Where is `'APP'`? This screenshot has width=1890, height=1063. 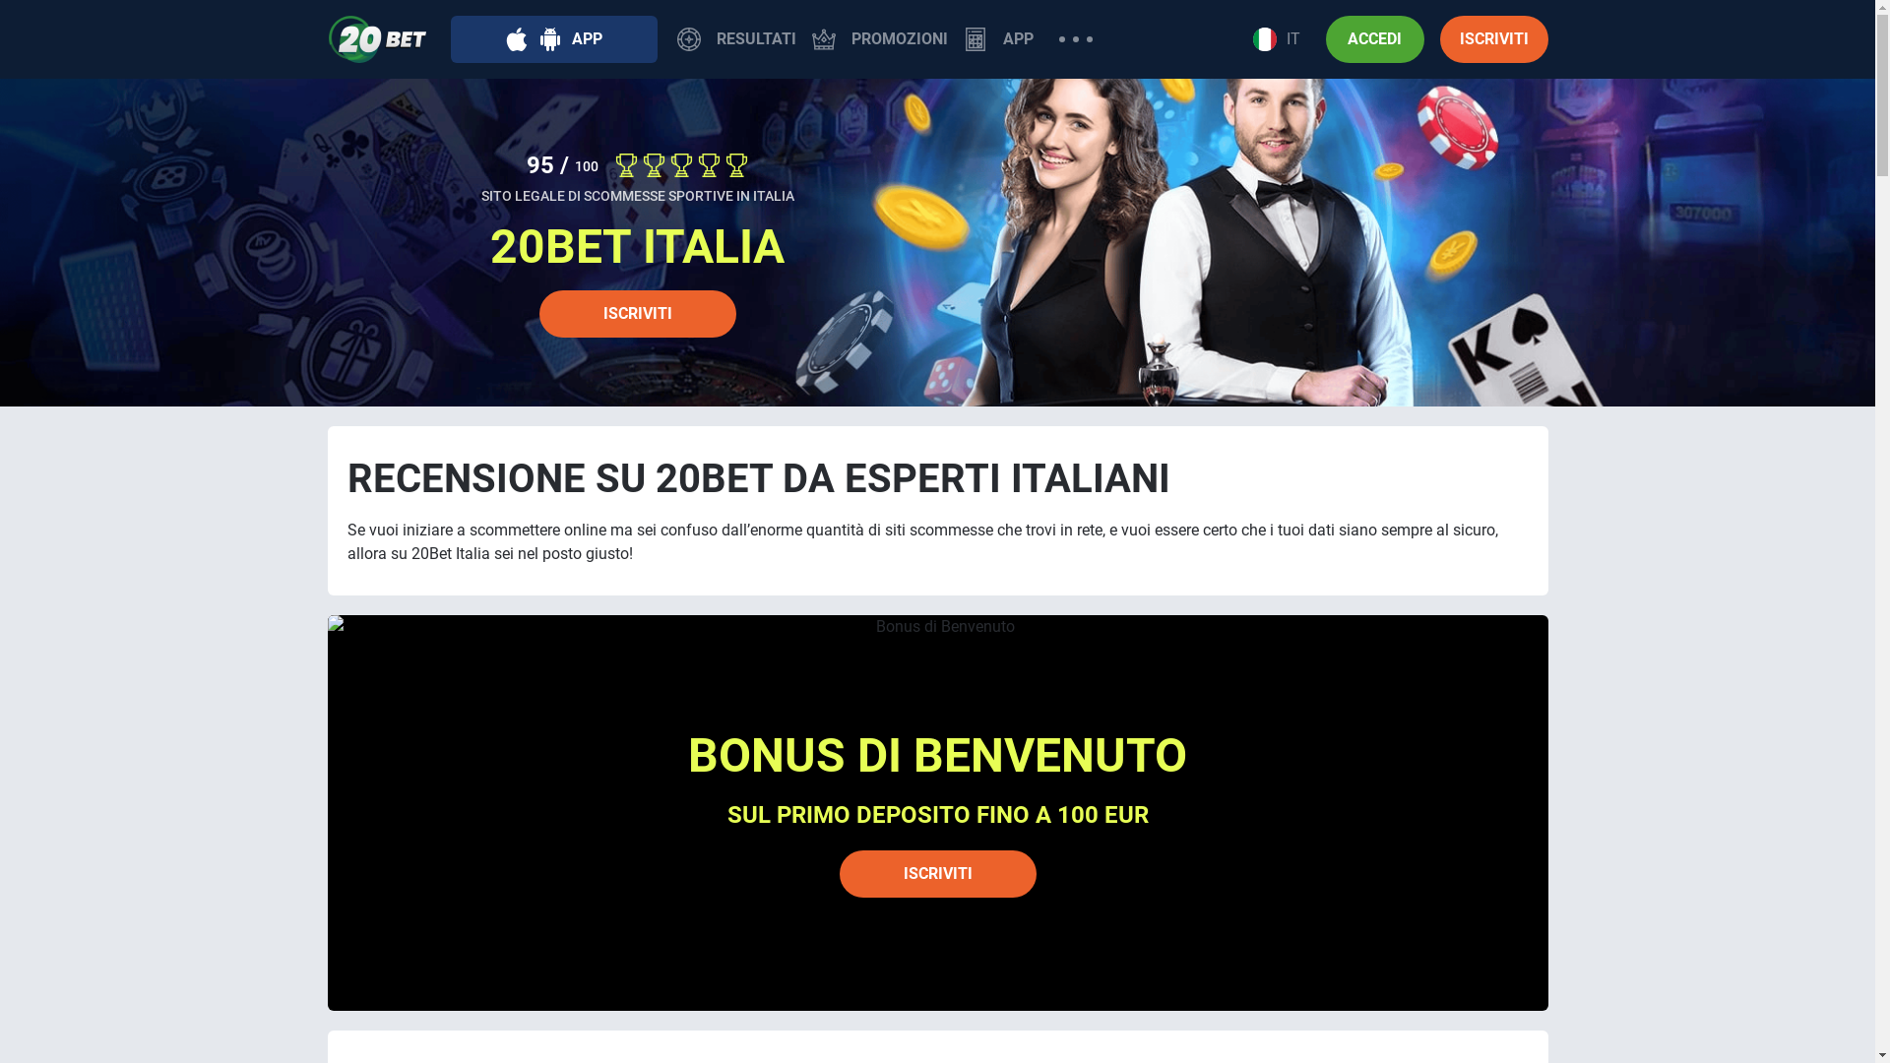
'APP' is located at coordinates (997, 38).